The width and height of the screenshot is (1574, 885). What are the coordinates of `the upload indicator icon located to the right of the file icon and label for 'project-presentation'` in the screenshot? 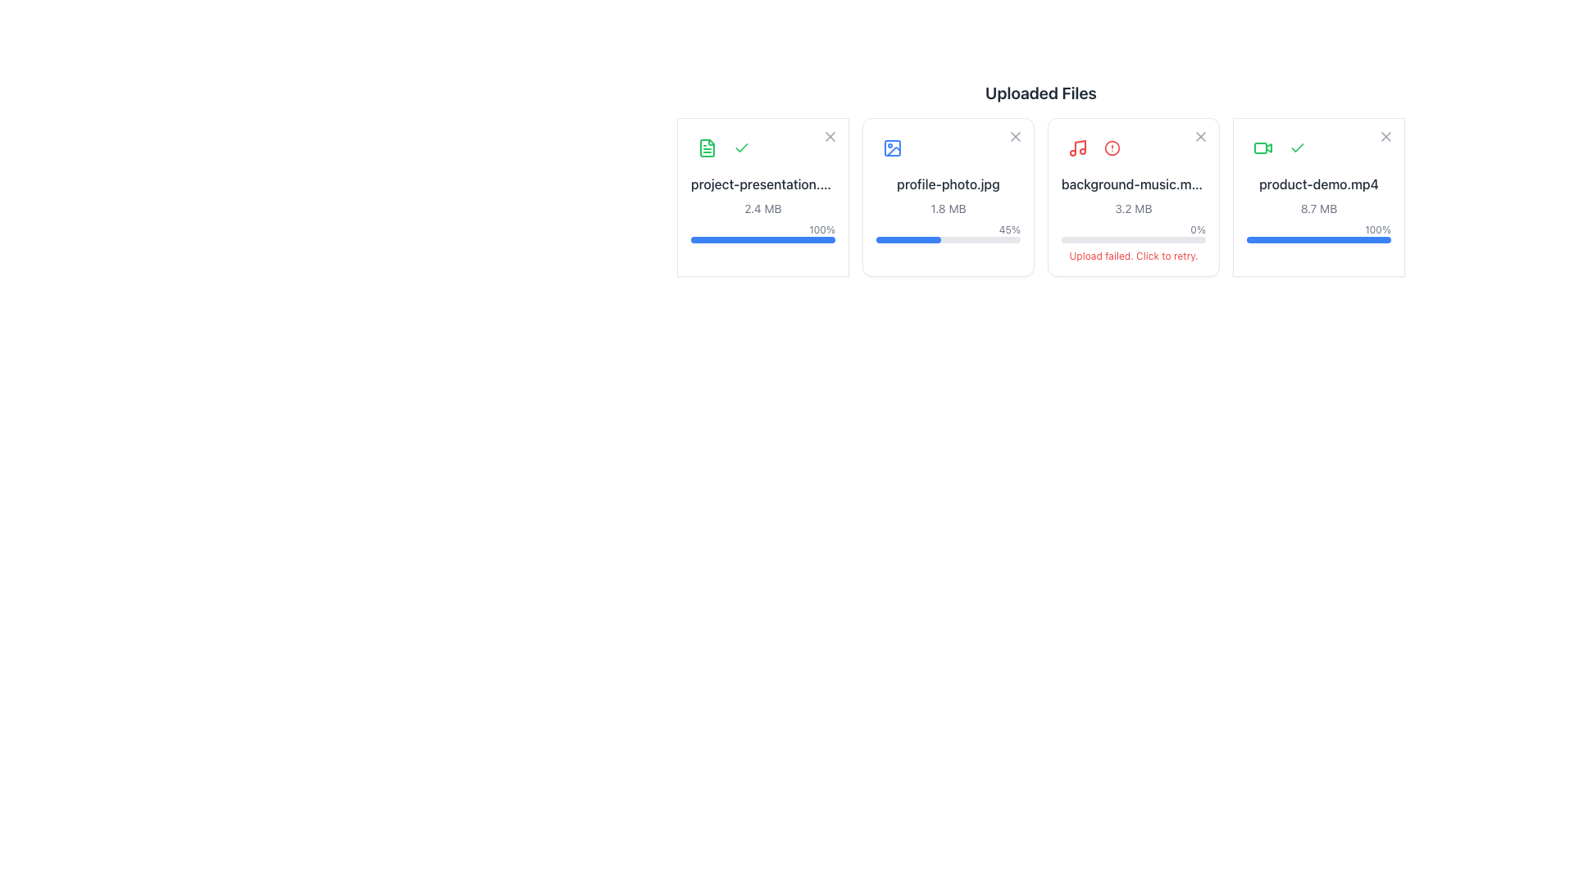 It's located at (741, 148).